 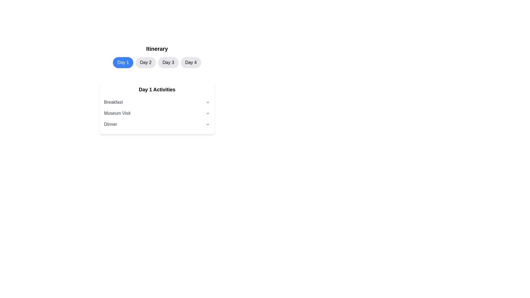 I want to click on the 'Day 1' button located in the top-left corner of the itinerary buttons group, under the 'Itinerary' title, so click(x=123, y=62).